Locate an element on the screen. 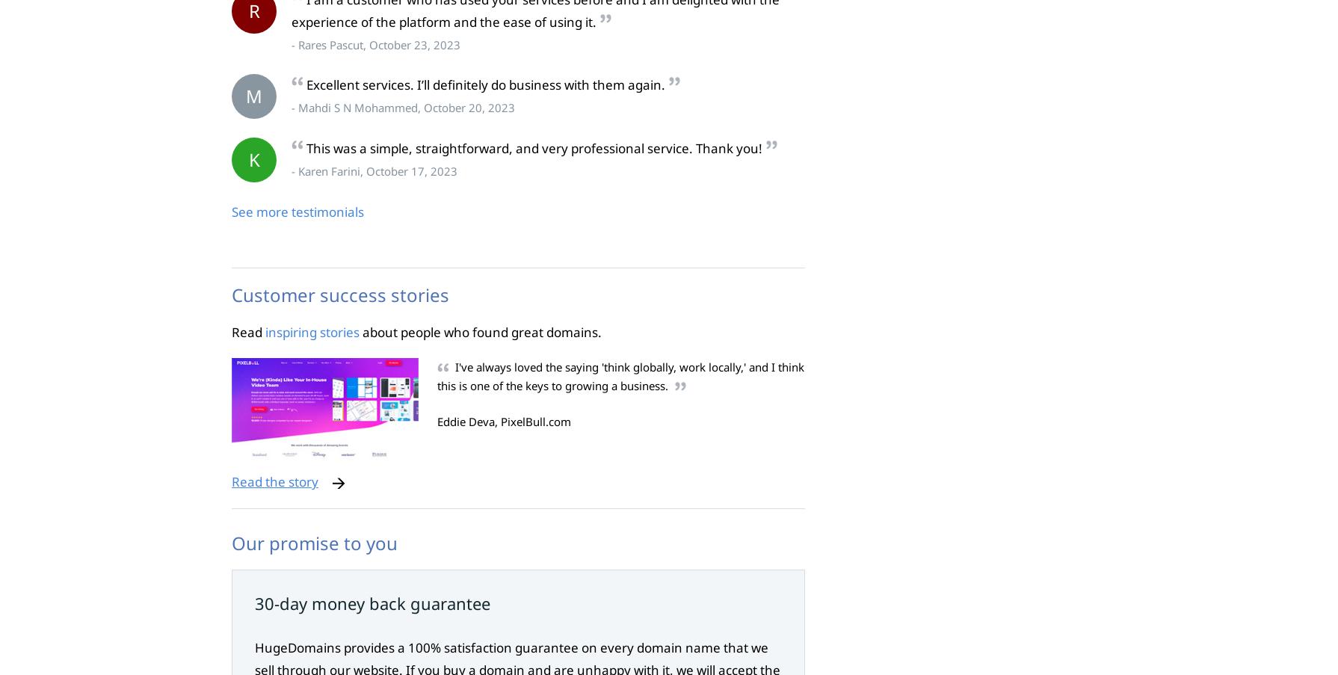 The image size is (1338, 675). '- Mahdi S N Mohammed, October 20, 2023' is located at coordinates (292, 107).